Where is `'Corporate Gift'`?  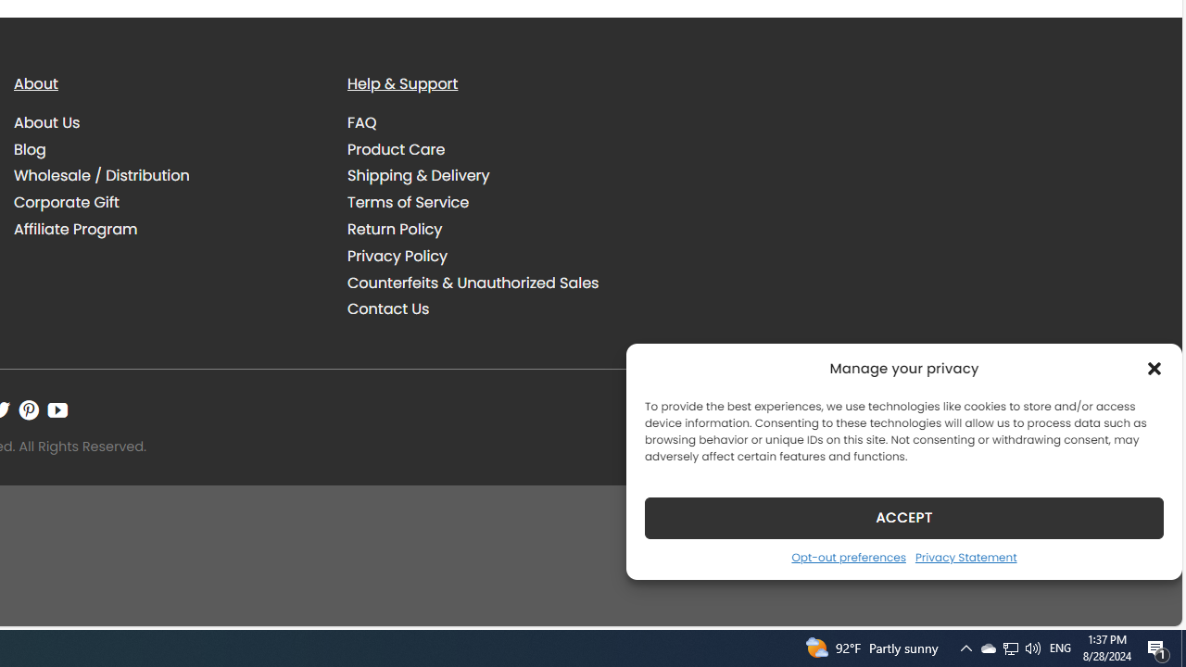
'Corporate Gift' is located at coordinates (167, 202).